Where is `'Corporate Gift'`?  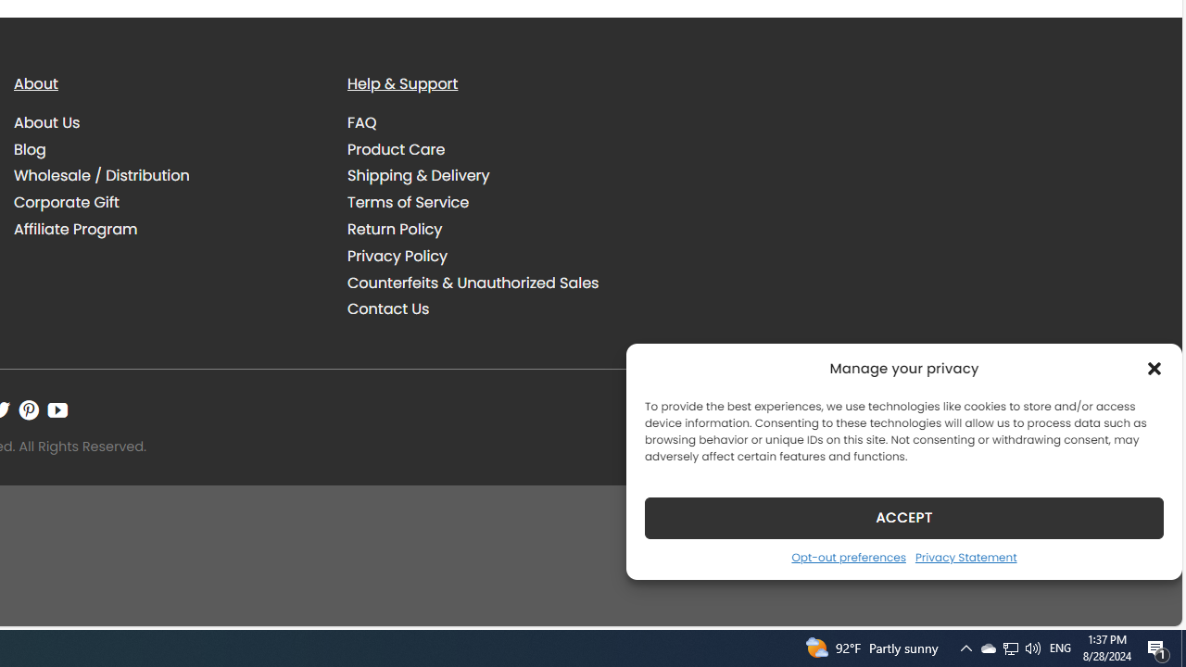
'Corporate Gift' is located at coordinates (167, 202).